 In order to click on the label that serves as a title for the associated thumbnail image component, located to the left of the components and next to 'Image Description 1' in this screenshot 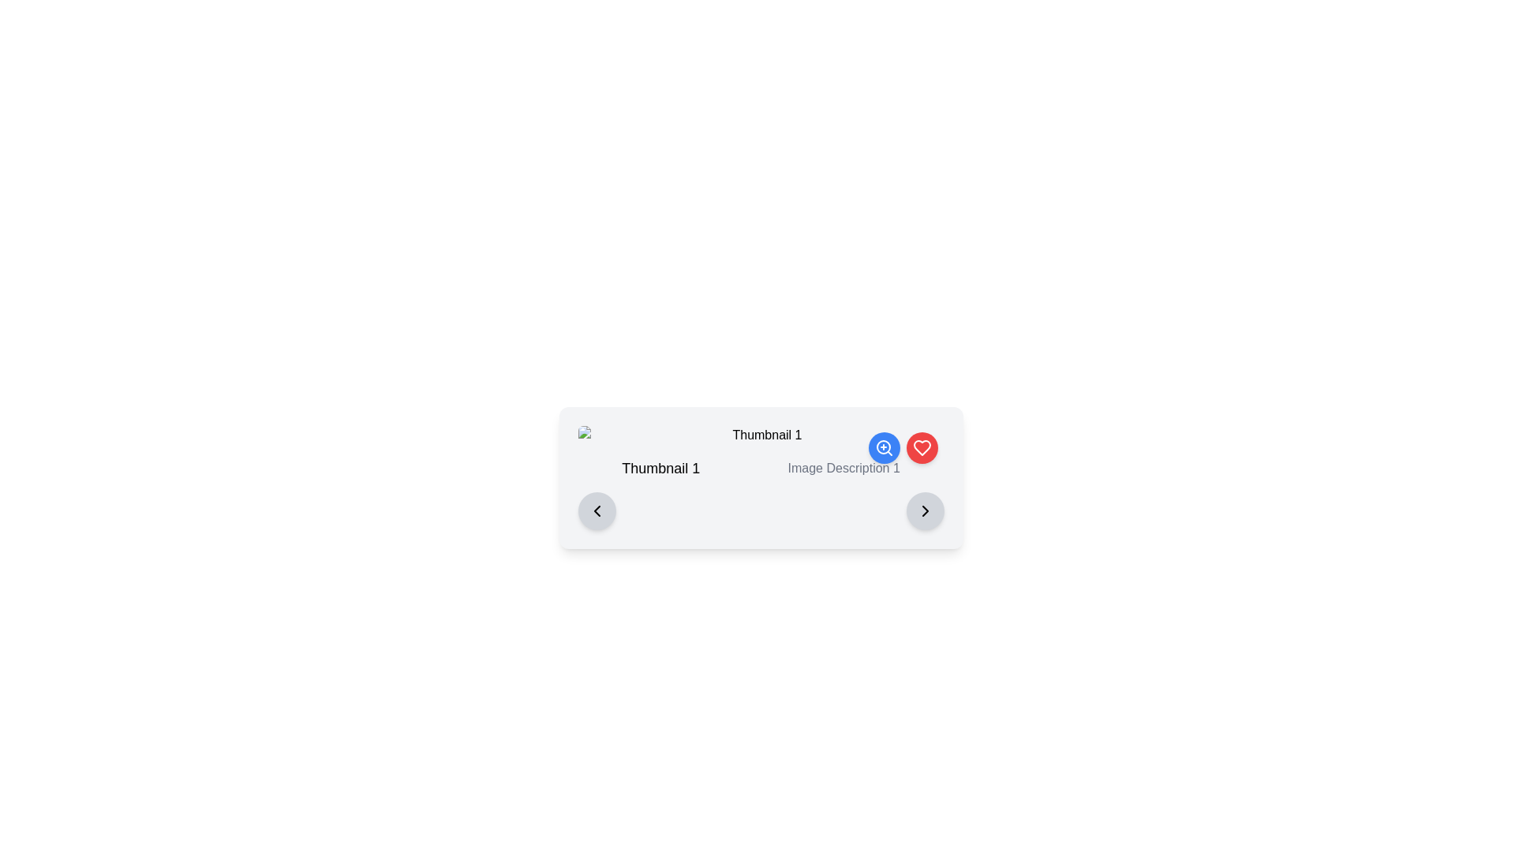, I will do `click(660, 468)`.